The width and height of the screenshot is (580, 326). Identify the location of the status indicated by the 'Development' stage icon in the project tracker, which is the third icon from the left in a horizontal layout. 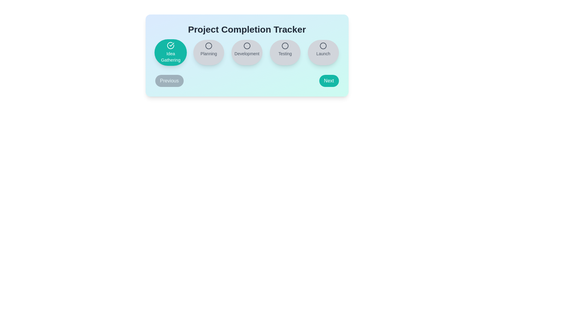
(247, 45).